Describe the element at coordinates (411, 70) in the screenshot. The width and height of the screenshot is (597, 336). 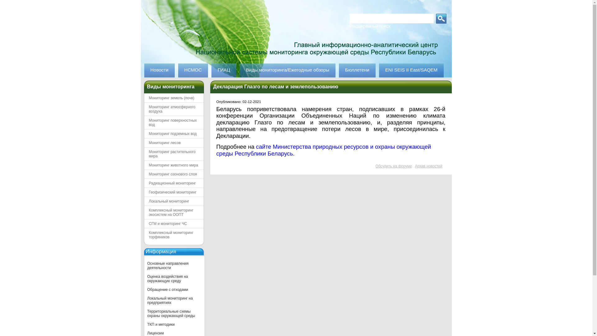
I see `'ENI SEIS II East/SAQEM'` at that location.